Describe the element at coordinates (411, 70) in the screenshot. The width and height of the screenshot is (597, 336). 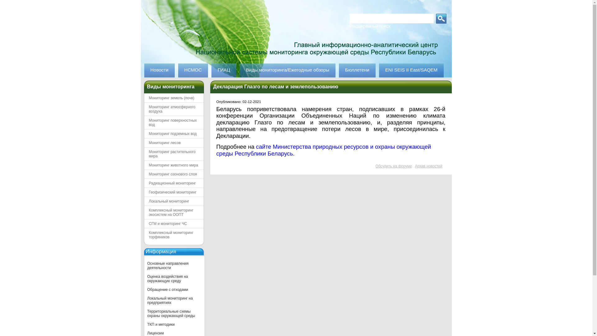
I see `'ENI SEIS II East/SAQEM'` at that location.